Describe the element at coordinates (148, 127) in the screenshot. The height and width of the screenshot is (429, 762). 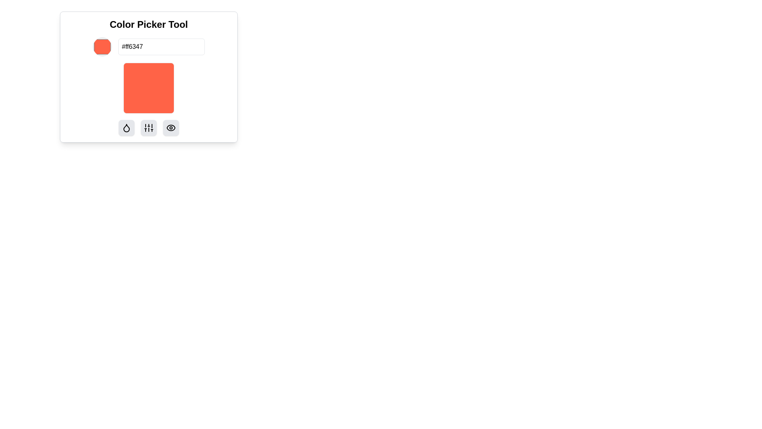
I see `the button with a light gray background and vertical sliders icon, which is the second button in a horizontal row of three buttons at the bottom of the Color Picker Tool interface` at that location.